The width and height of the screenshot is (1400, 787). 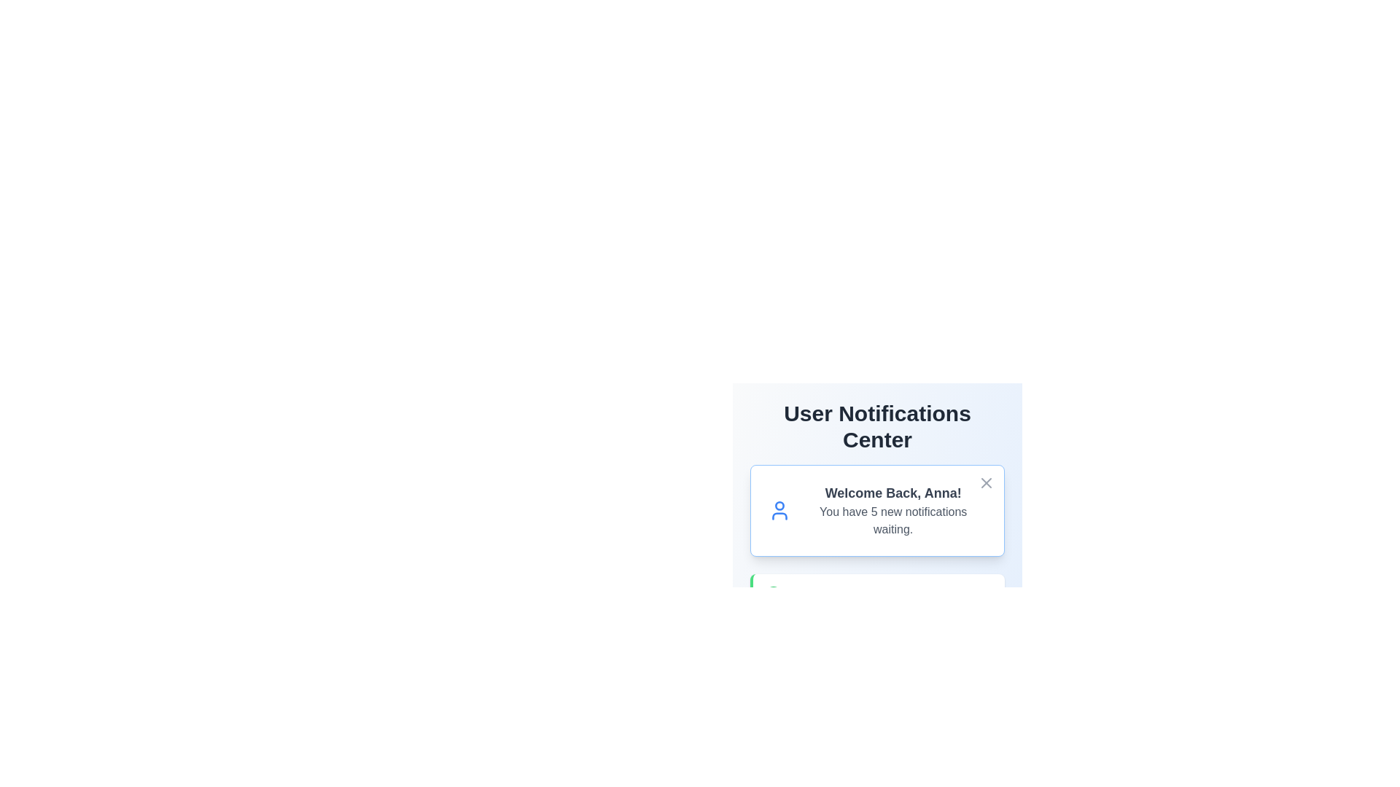 What do you see at coordinates (779, 510) in the screenshot?
I see `the user account icon located to the left of the 'Welcome Back, Anna!' text, which serves as a visual indicator for account-related information` at bounding box center [779, 510].